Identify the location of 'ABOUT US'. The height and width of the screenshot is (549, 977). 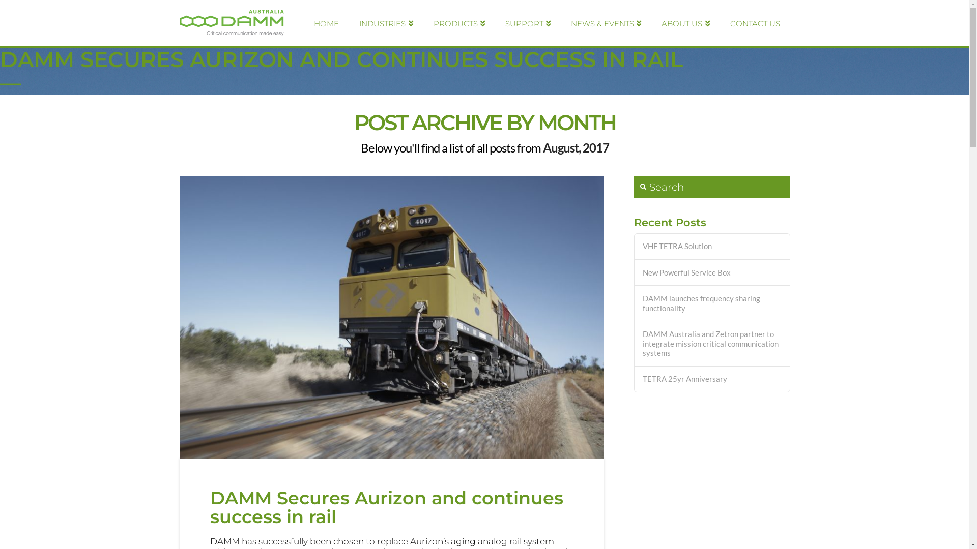
(685, 23).